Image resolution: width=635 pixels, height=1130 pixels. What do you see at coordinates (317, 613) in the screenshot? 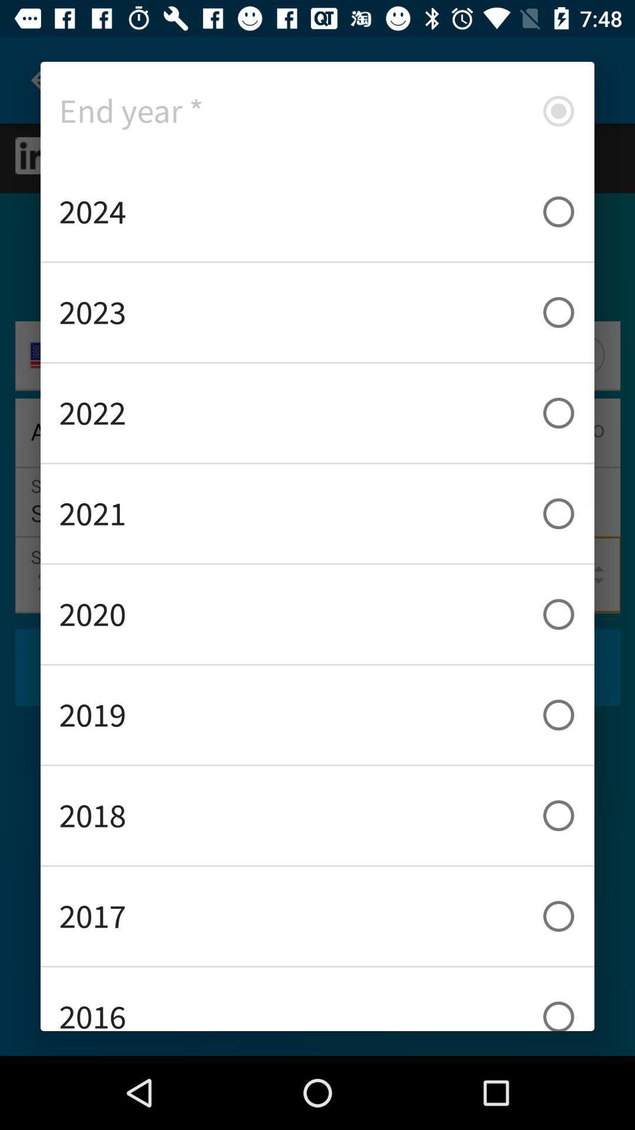
I see `item below 2021` at bounding box center [317, 613].